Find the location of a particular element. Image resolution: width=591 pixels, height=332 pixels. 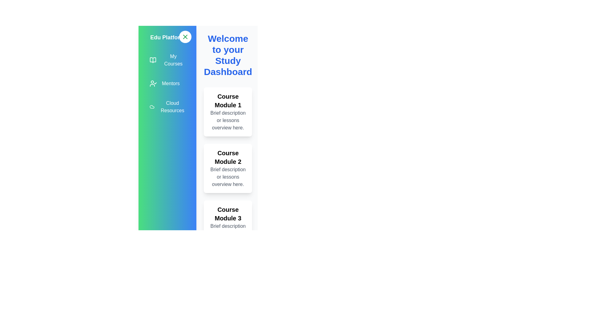

toggle button to expand or collapse the sidebar is located at coordinates (185, 37).